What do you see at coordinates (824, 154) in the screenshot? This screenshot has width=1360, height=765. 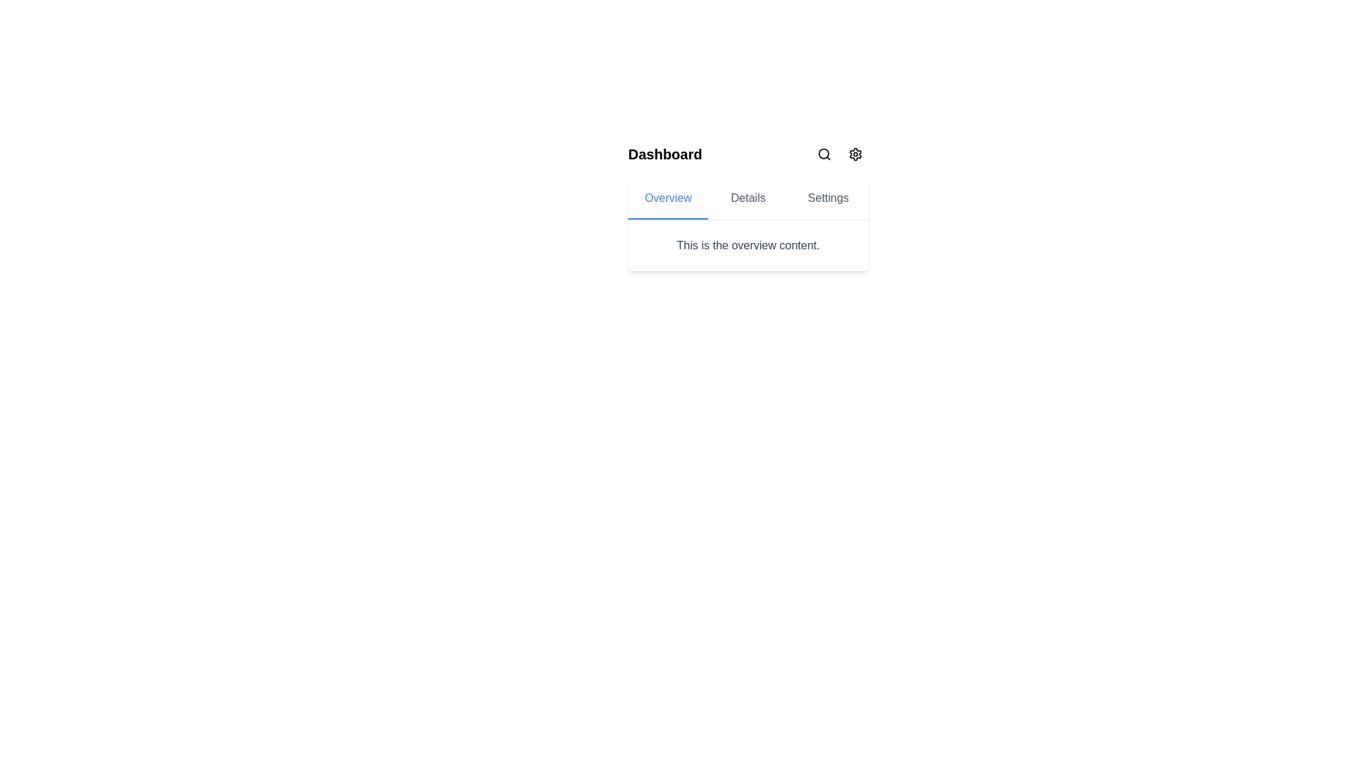 I see `the circular graphic representing the search functionality, located next to the 'Dashboard' text at the top of the interface` at bounding box center [824, 154].